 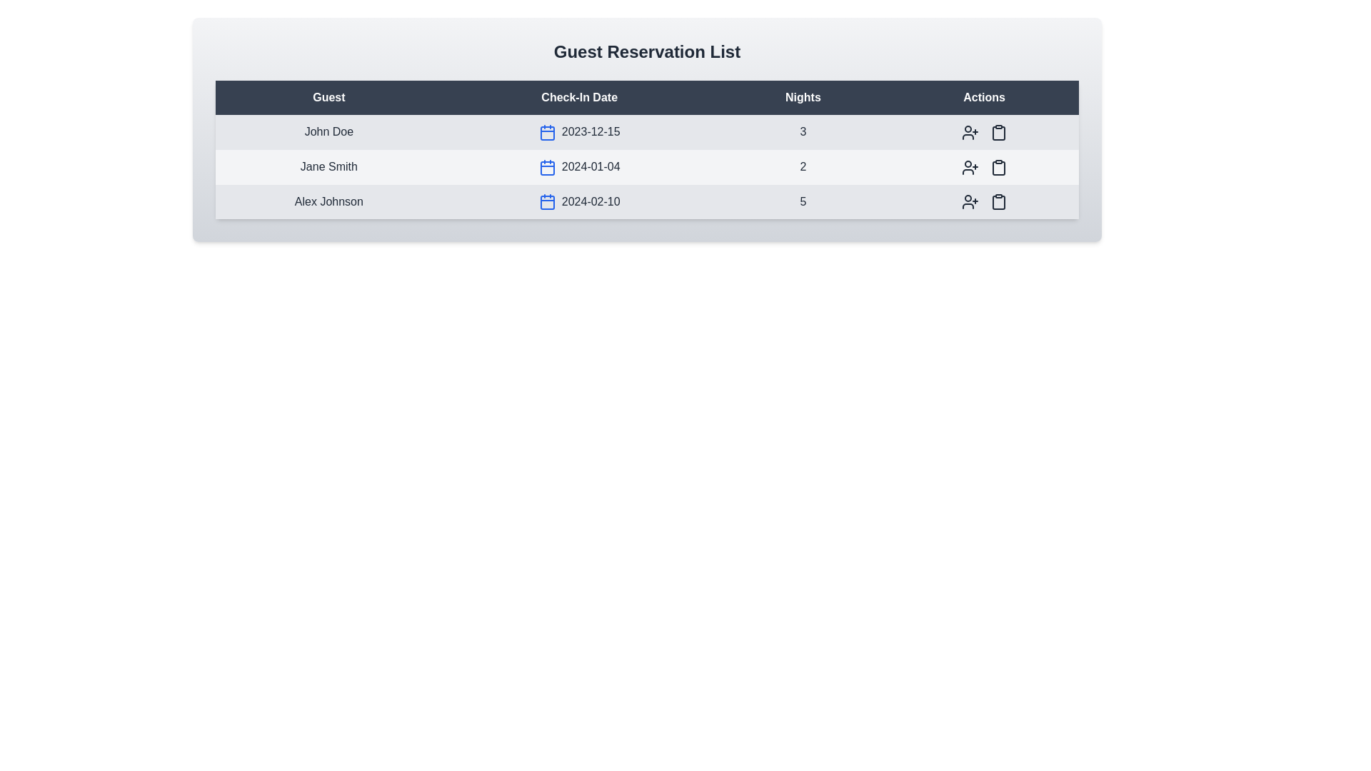 What do you see at coordinates (546, 203) in the screenshot?
I see `the calendar icon located in the 'Check-In Date' column of the table for the row labeled 'Alex Johnson', which is positioned left of the date text '2024-02-10'` at bounding box center [546, 203].